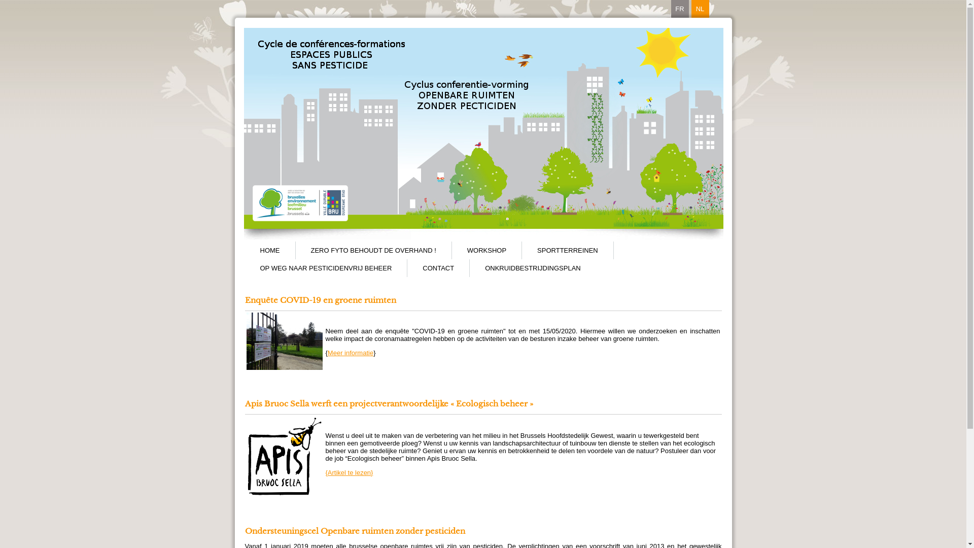  What do you see at coordinates (679, 9) in the screenshot?
I see `'FR'` at bounding box center [679, 9].